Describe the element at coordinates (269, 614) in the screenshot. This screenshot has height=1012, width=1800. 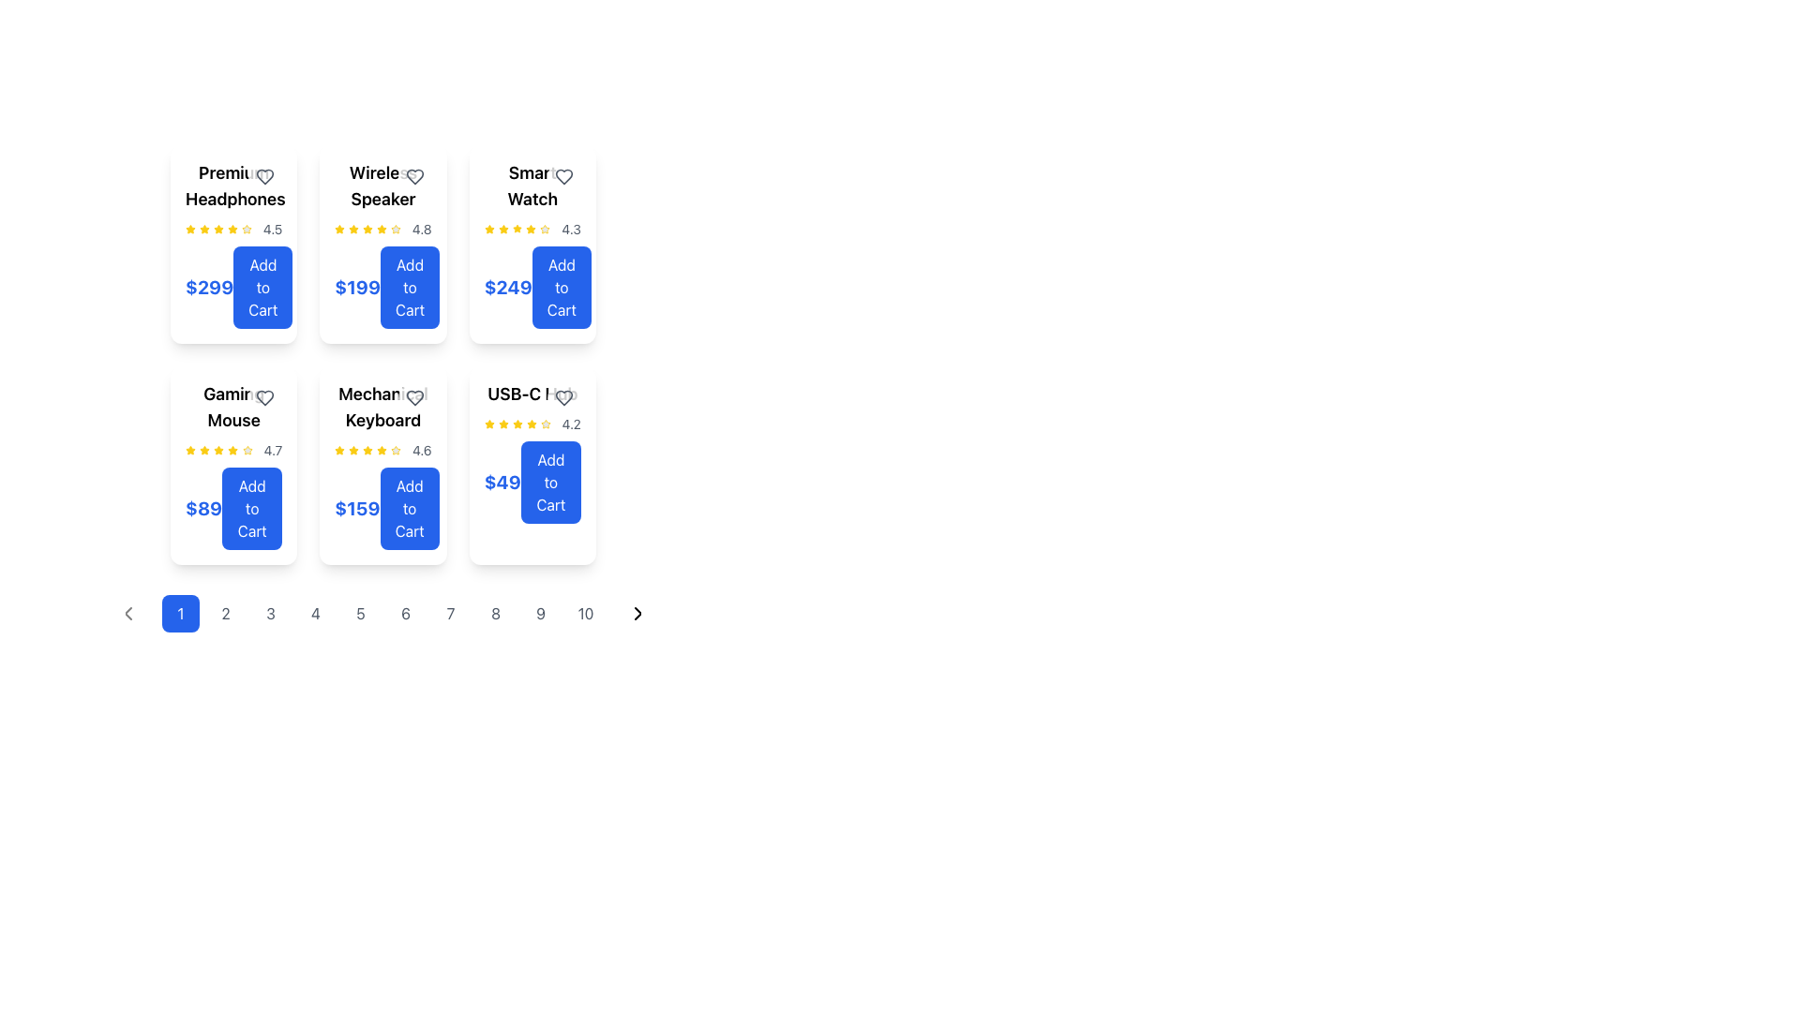
I see `the circular button with the grey number '3' centered inside` at that location.